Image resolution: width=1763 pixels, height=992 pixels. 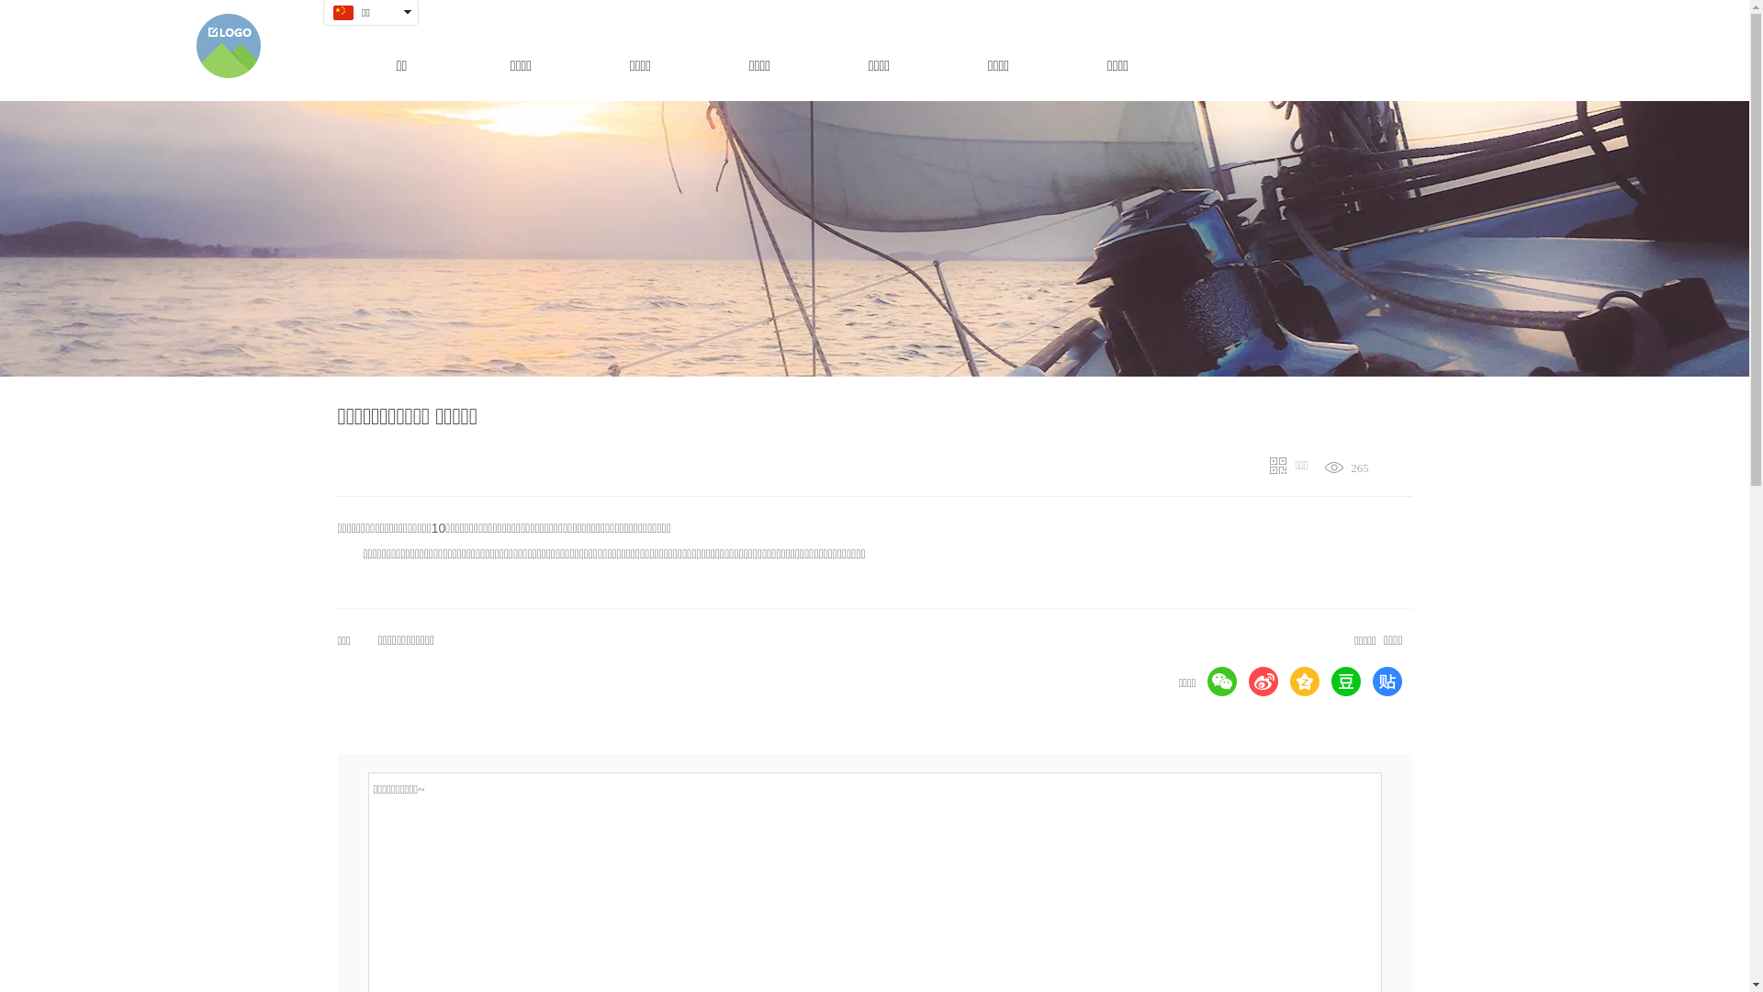 I want to click on ' ', so click(x=363, y=37).